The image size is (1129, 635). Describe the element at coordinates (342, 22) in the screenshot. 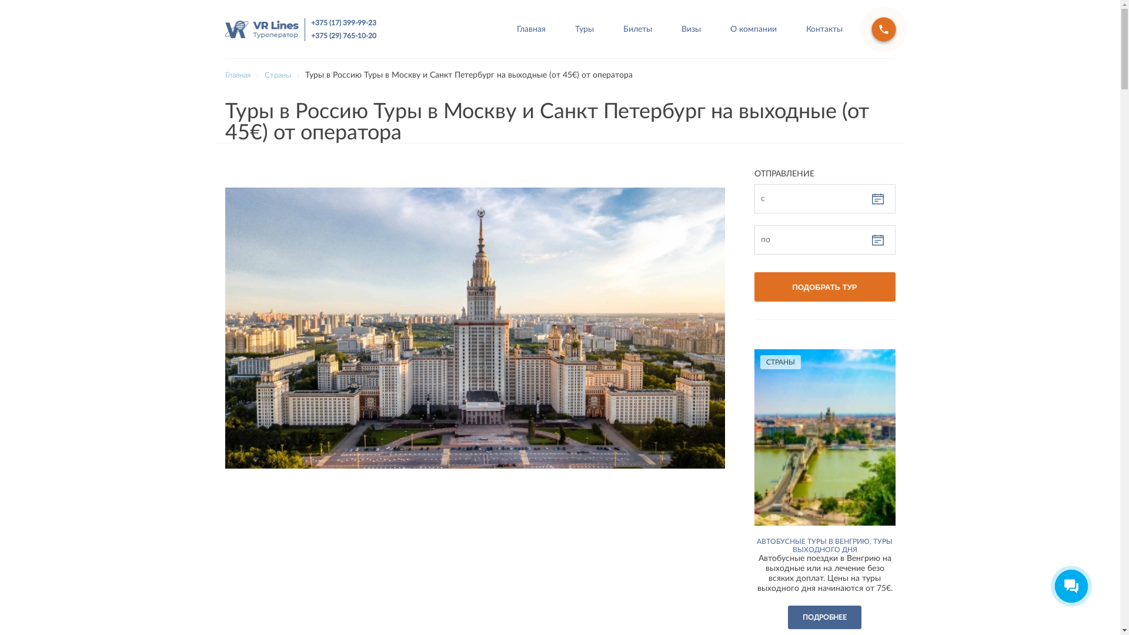

I see `'+375 (17) 399-99-23'` at that location.